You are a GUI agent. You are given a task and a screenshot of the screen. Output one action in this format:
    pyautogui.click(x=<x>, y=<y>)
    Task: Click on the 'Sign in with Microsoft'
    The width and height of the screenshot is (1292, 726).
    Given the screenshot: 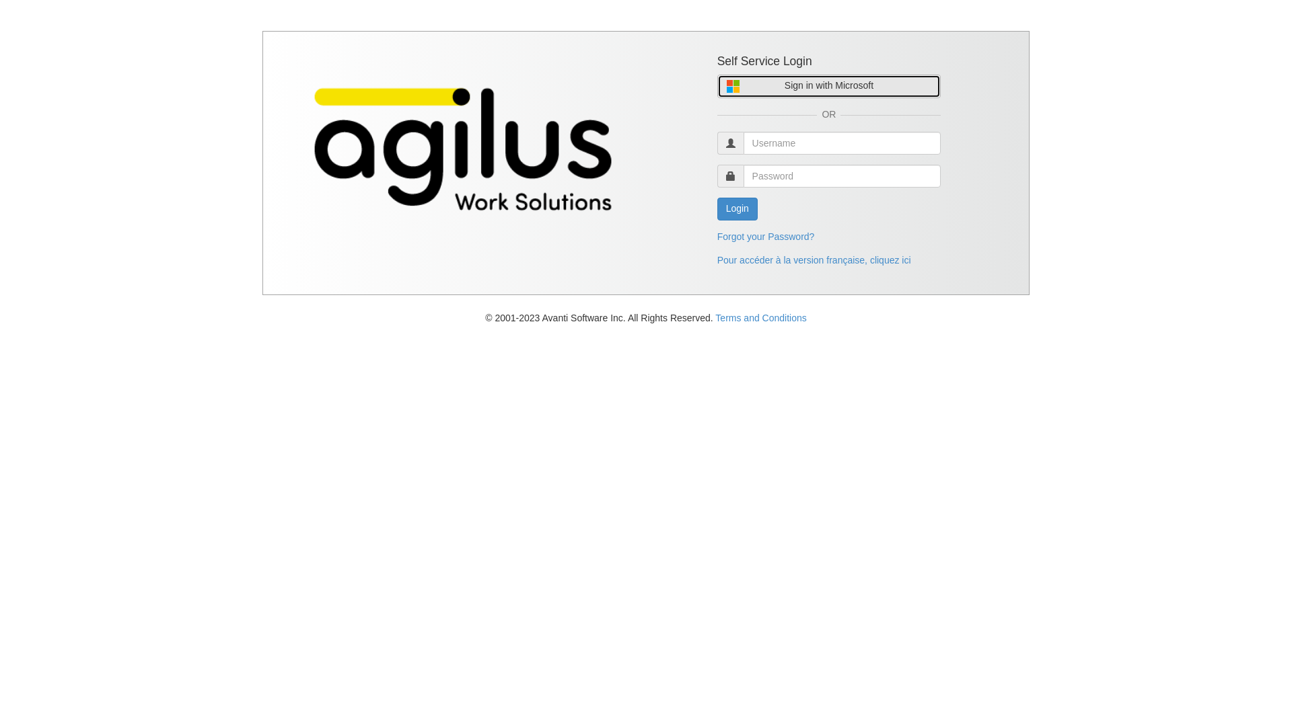 What is the action you would take?
    pyautogui.click(x=828, y=86)
    